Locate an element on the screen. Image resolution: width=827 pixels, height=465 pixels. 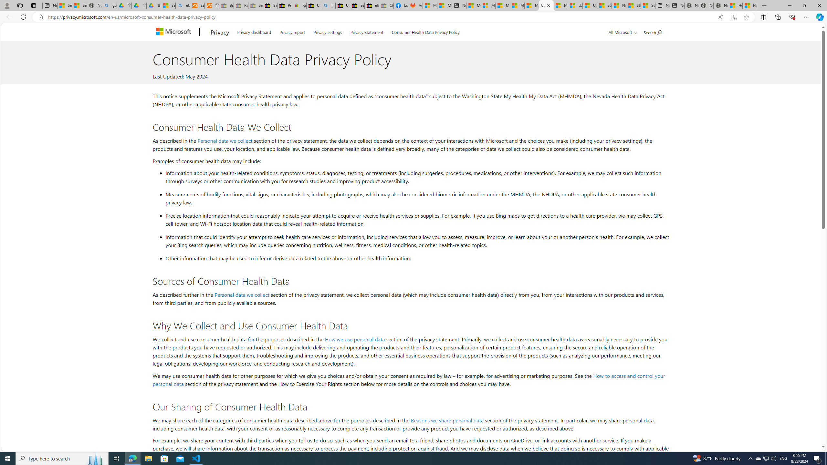
'Search Microsoft.com' is located at coordinates (653, 31).